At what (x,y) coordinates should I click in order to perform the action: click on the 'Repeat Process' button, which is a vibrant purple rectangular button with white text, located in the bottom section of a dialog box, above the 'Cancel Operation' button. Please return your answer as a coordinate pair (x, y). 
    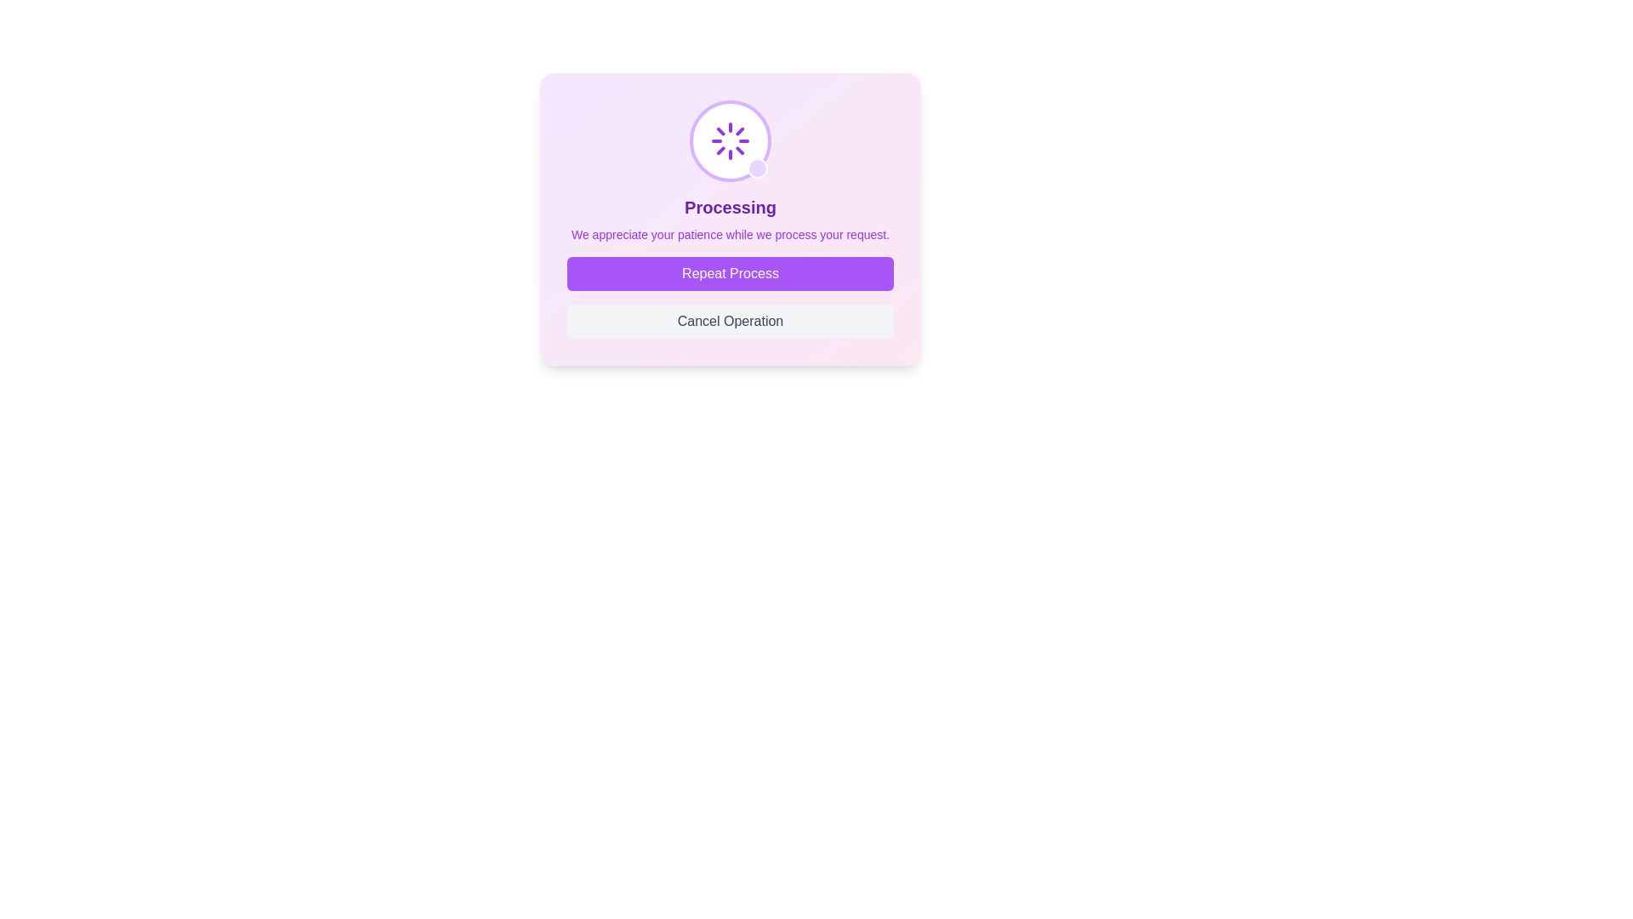
    Looking at the image, I should click on (731, 272).